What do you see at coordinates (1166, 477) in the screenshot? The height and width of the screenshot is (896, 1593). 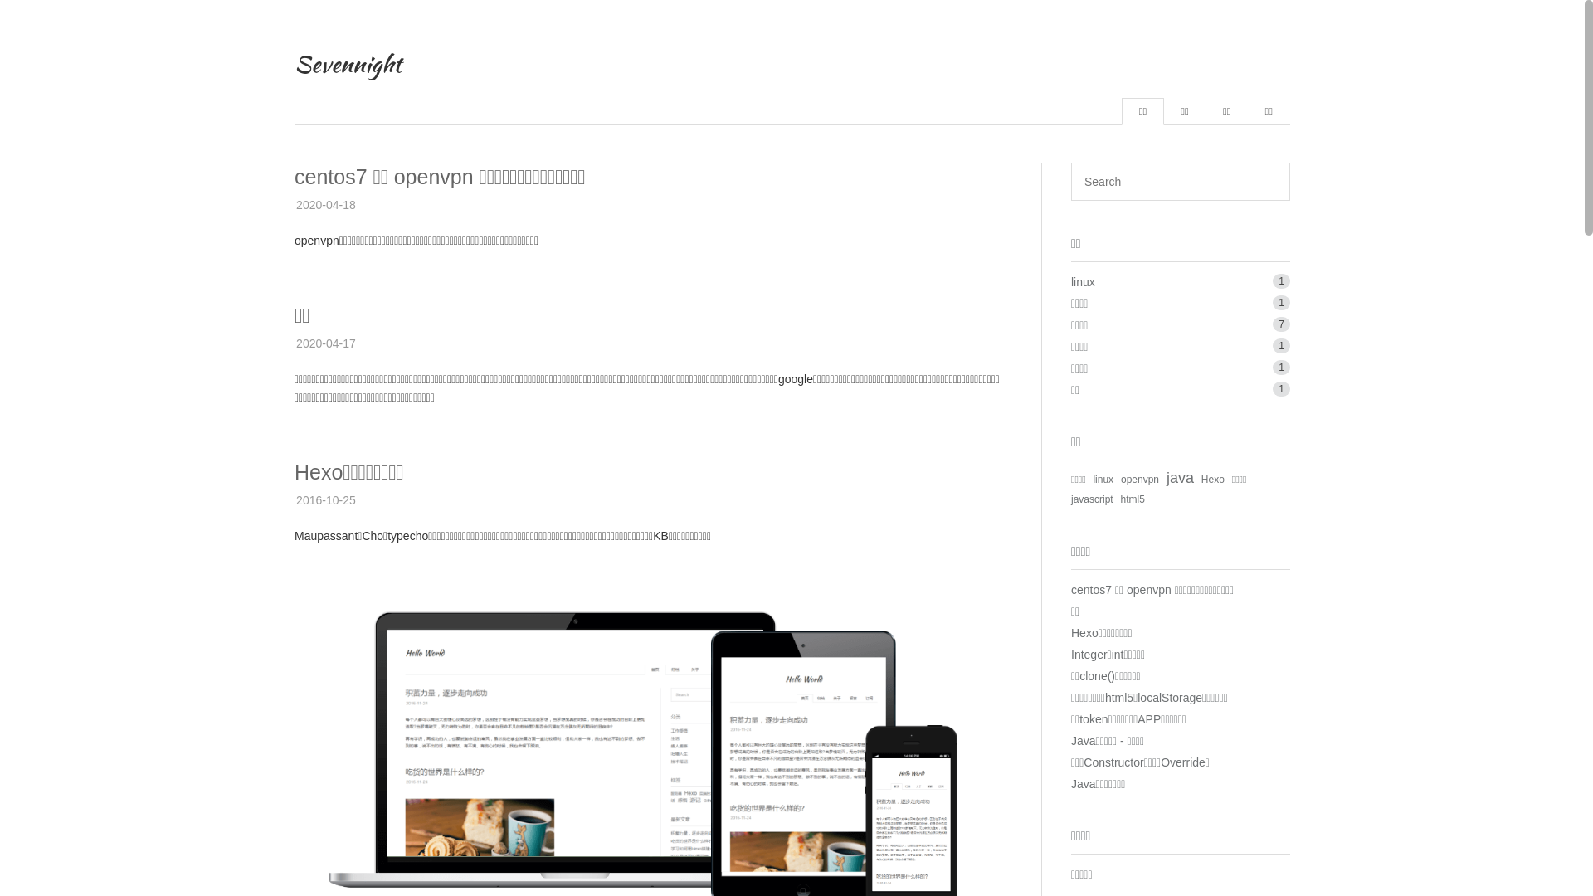 I see `'java'` at bounding box center [1166, 477].